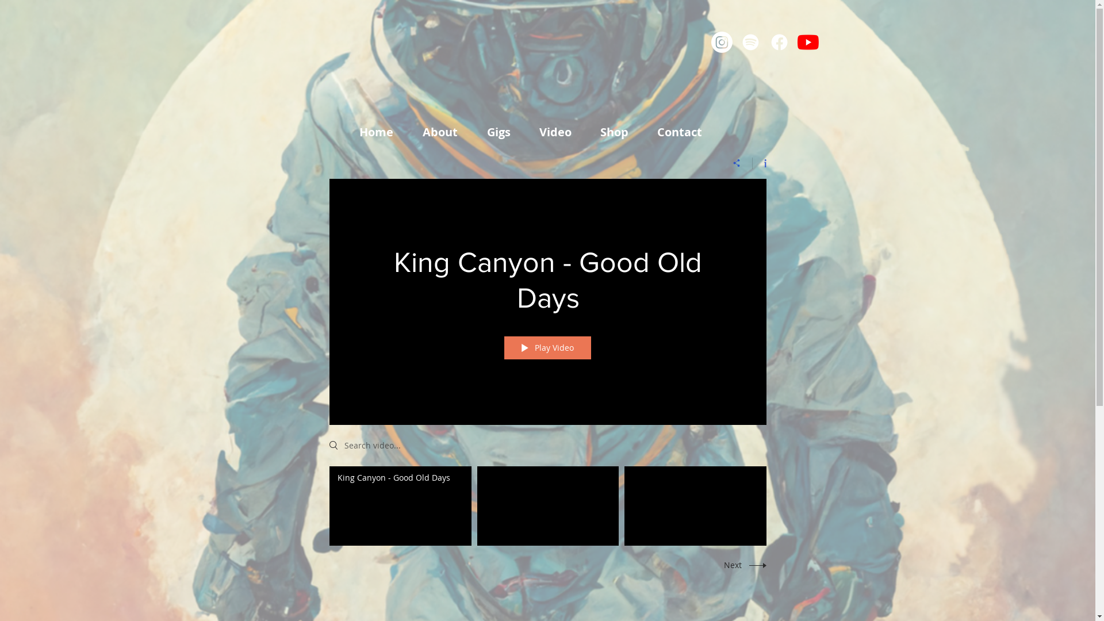 The width and height of the screenshot is (1104, 621). Describe the element at coordinates (414, 132) in the screenshot. I see `'About'` at that location.